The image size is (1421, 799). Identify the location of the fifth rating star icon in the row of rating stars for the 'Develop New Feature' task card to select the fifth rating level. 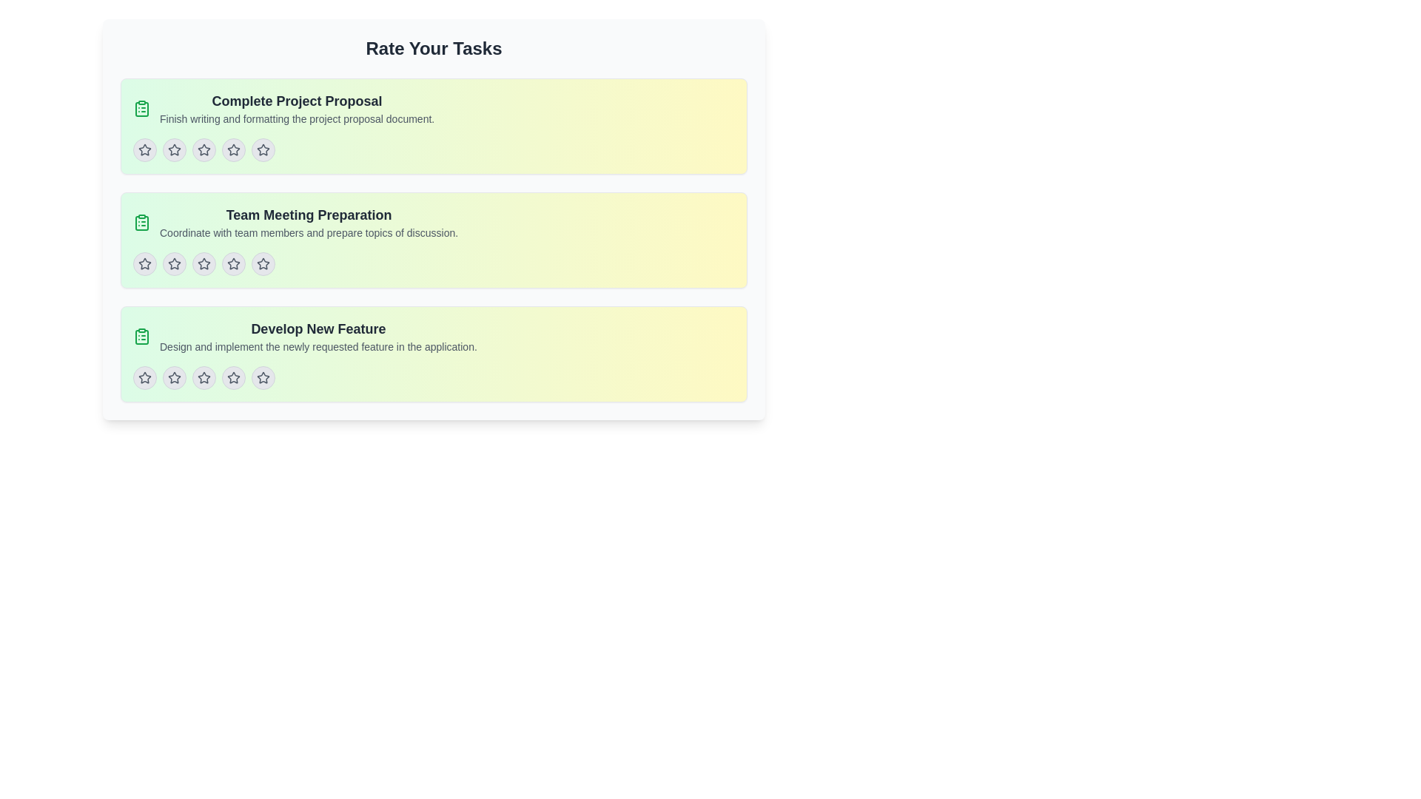
(263, 377).